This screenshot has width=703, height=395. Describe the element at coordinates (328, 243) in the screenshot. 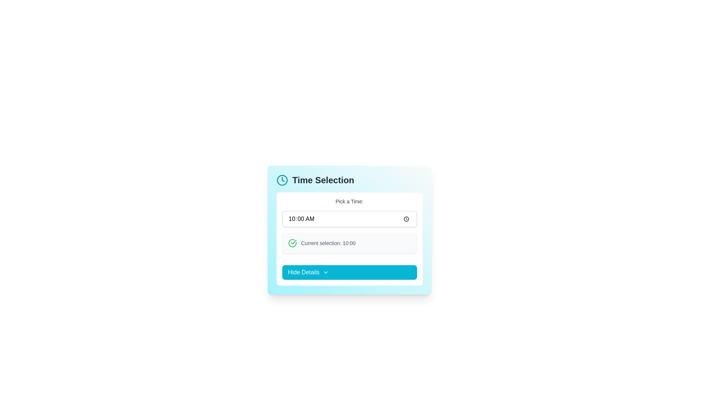

I see `the read-only text label that displays the current time selection in the time selector interface` at that location.